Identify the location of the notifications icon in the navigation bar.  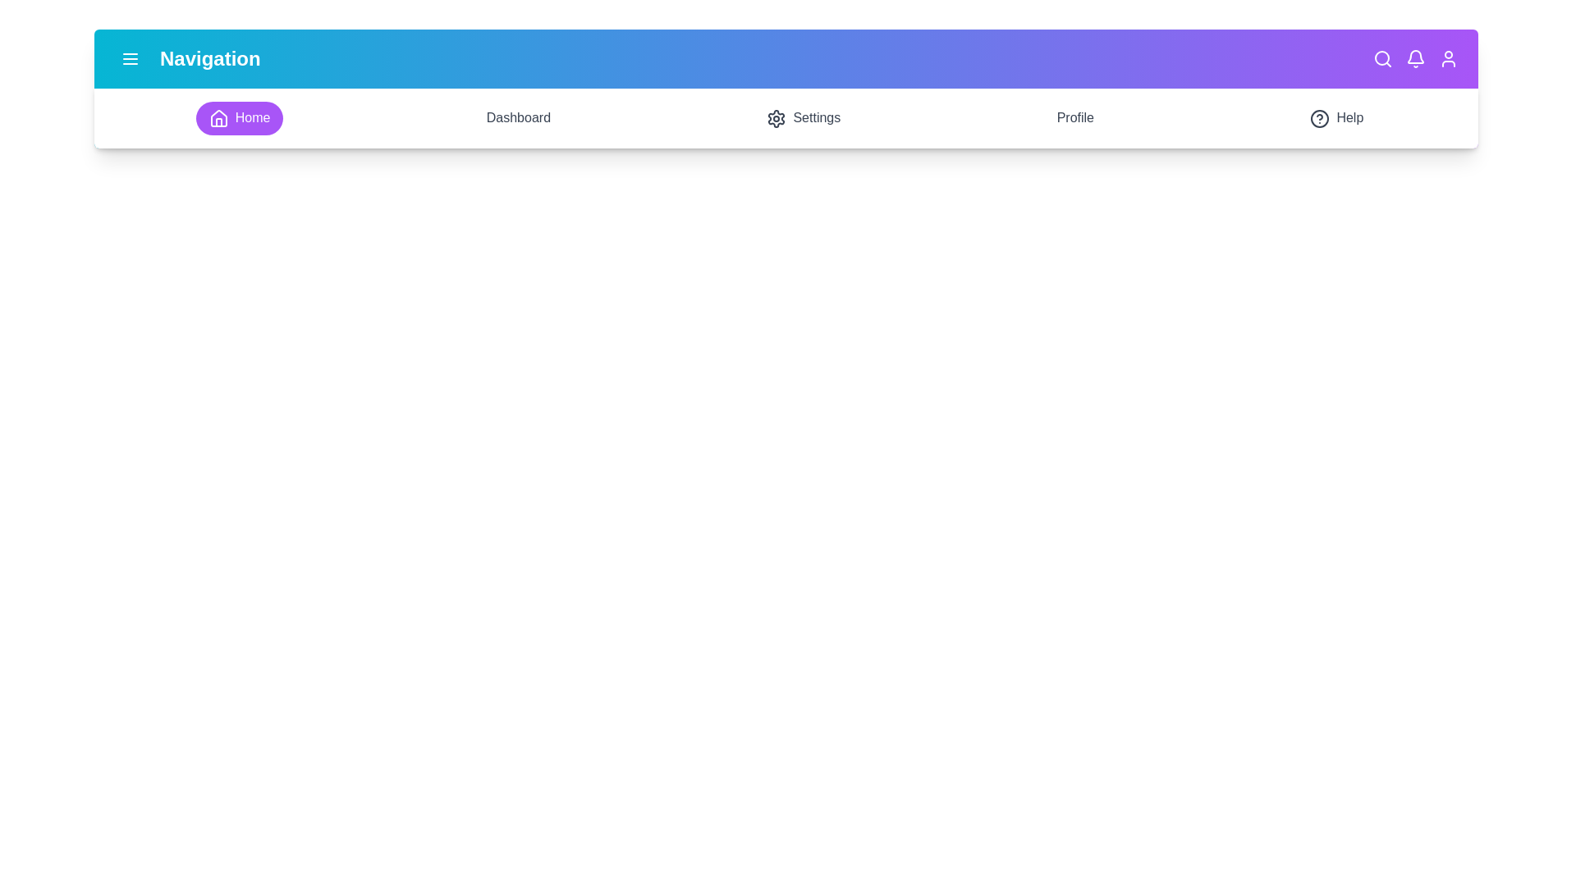
(1414, 58).